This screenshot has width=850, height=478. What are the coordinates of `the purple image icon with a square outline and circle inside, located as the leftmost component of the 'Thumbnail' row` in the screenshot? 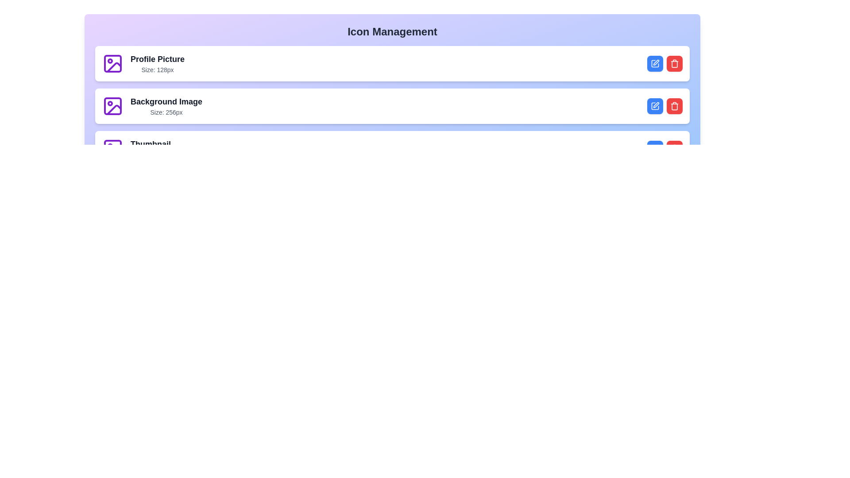 It's located at (112, 148).